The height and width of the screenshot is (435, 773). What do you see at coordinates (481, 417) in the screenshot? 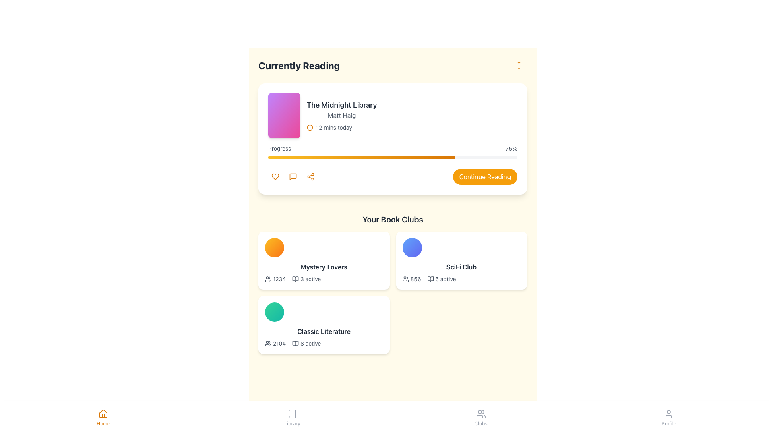
I see `the 'Clubs' button, which features an icon of three people and is part of the bottom navigation bar` at bounding box center [481, 417].